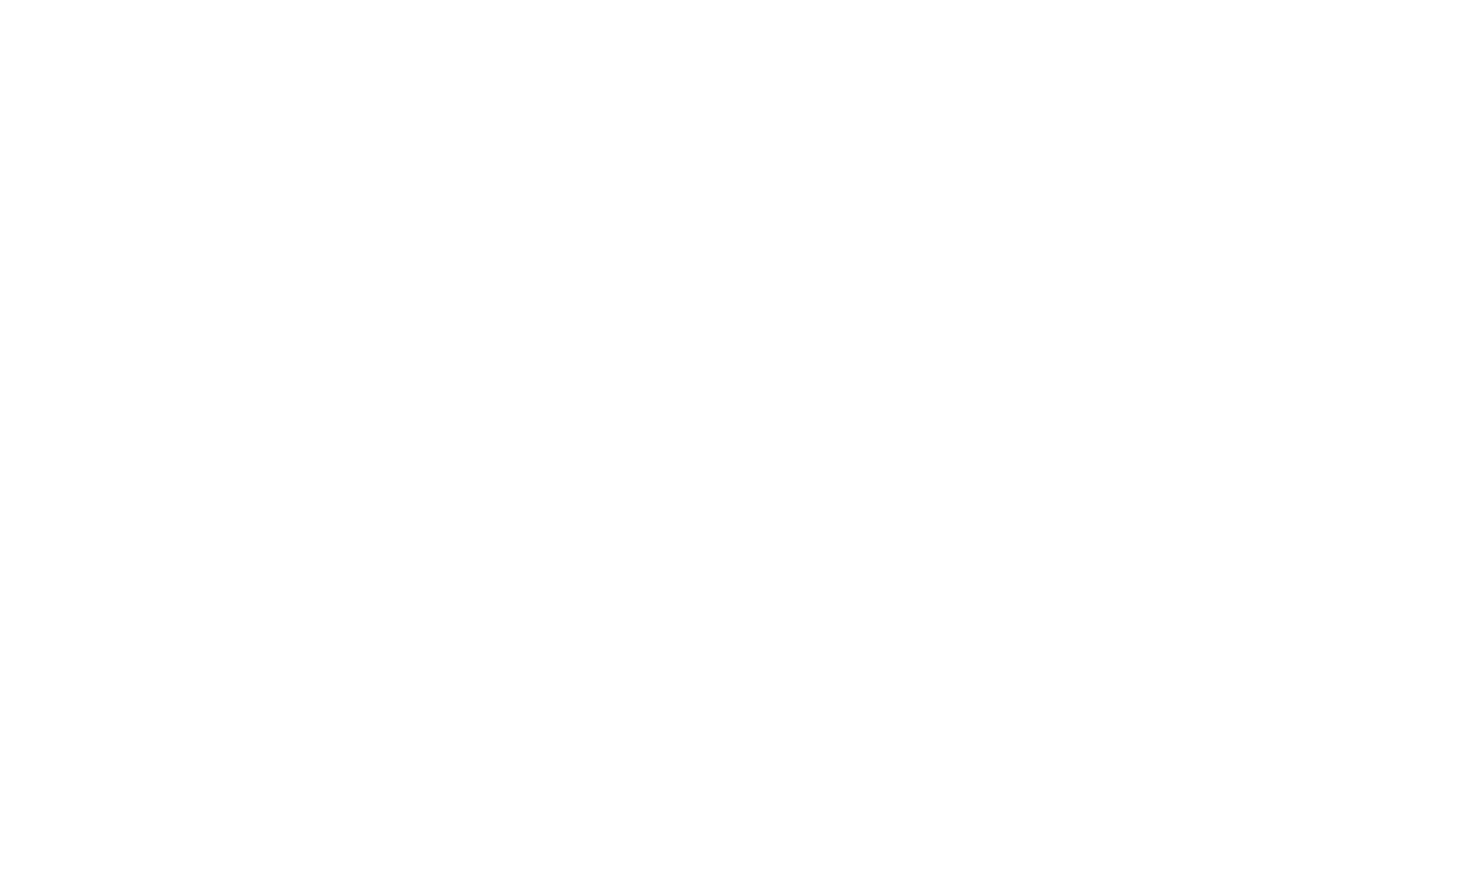  I want to click on 'Services', so click(698, 118).